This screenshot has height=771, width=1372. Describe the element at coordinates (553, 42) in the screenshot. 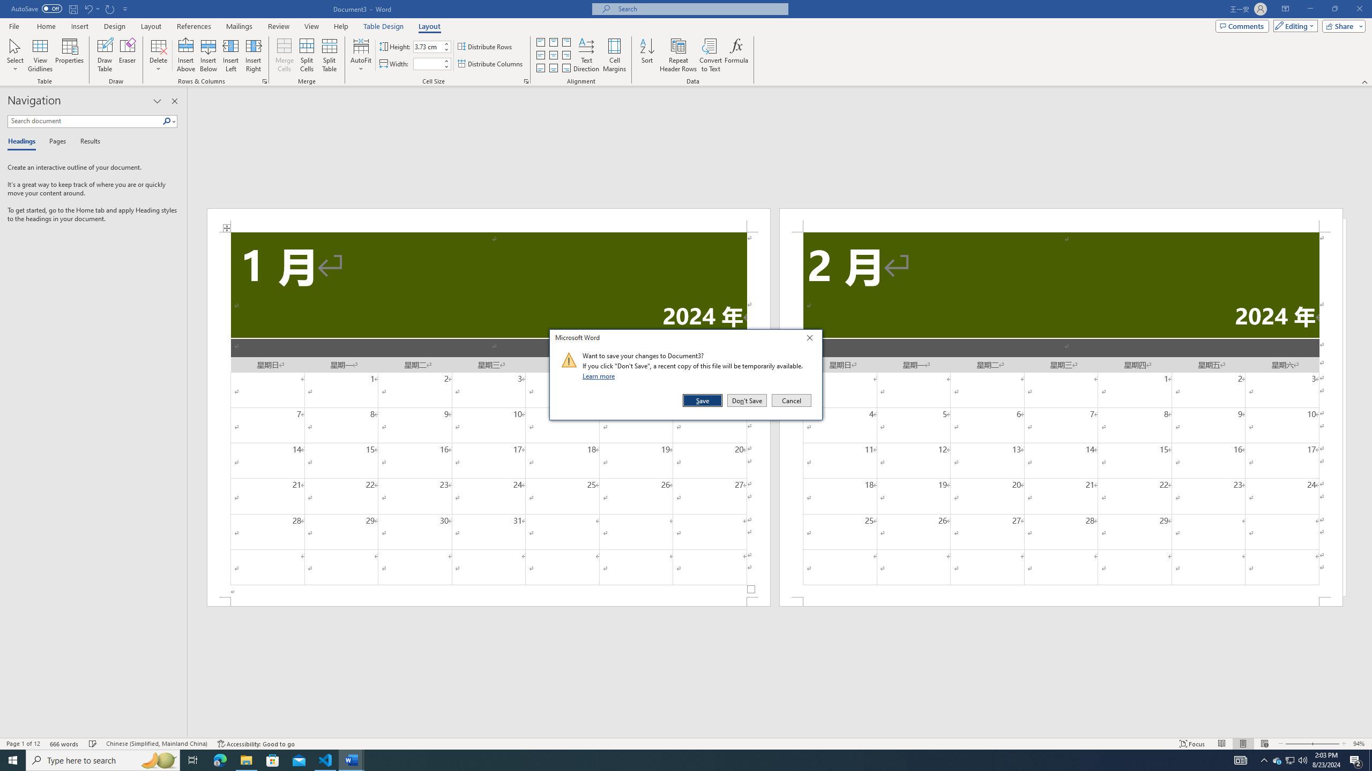

I see `'Align Top Center'` at that location.